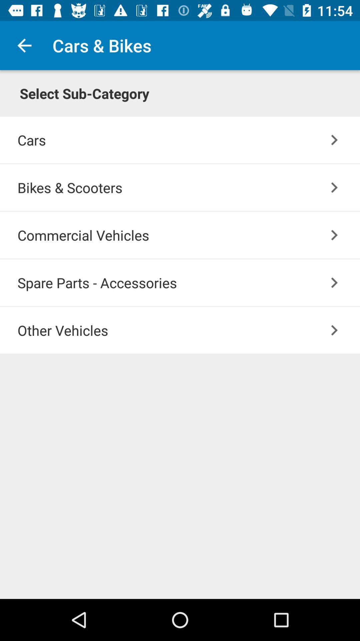  I want to click on the item below cars item, so click(334, 187).